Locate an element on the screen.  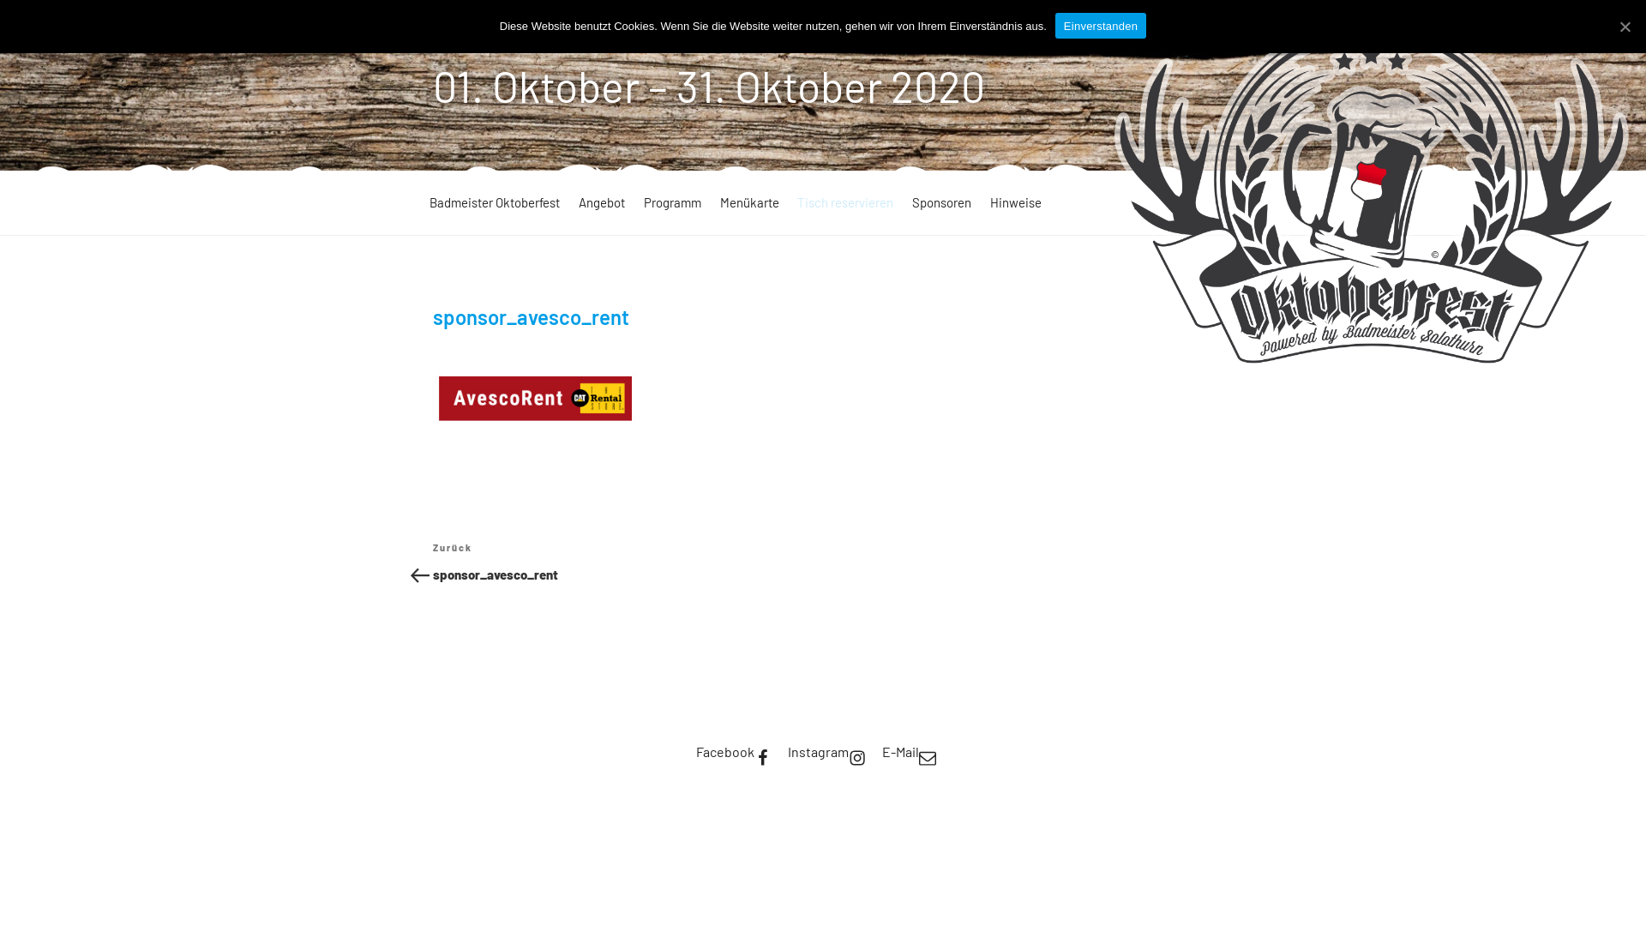
'Angebot' is located at coordinates (600, 201).